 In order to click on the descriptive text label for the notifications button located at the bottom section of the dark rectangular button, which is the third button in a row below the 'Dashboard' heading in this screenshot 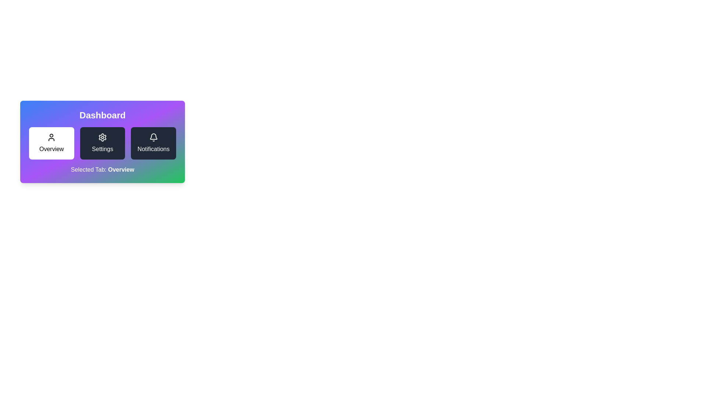, I will do `click(153, 149)`.